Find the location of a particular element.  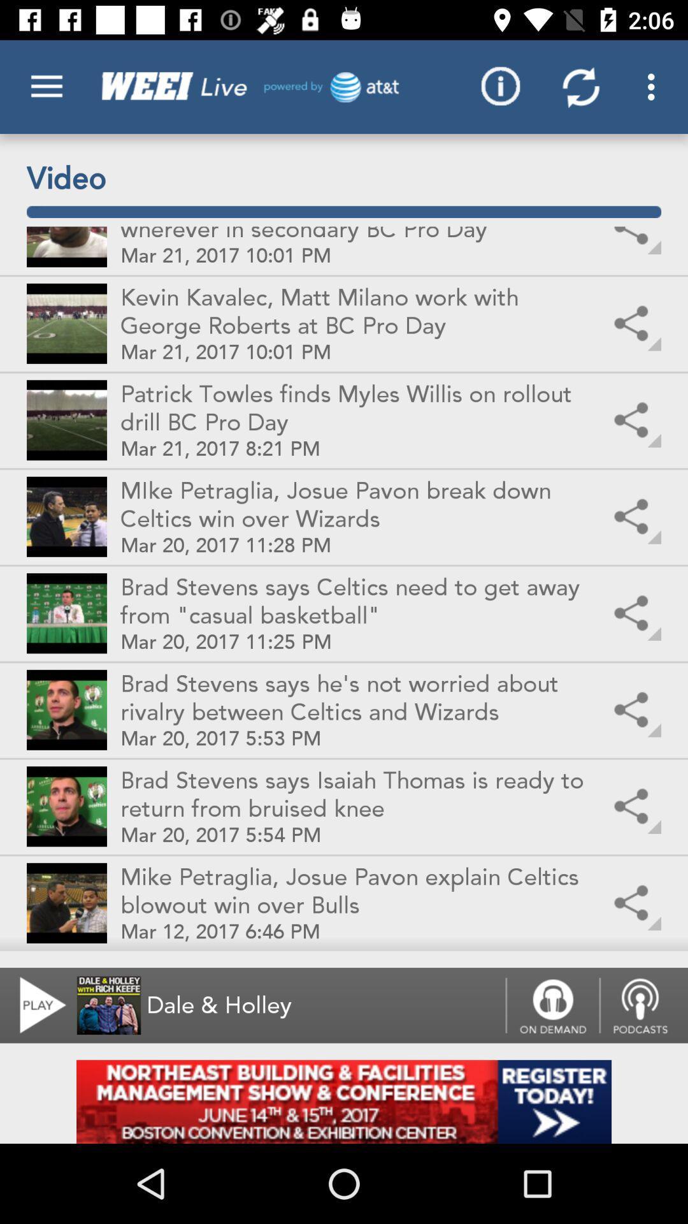

the lock icon is located at coordinates (552, 1005).